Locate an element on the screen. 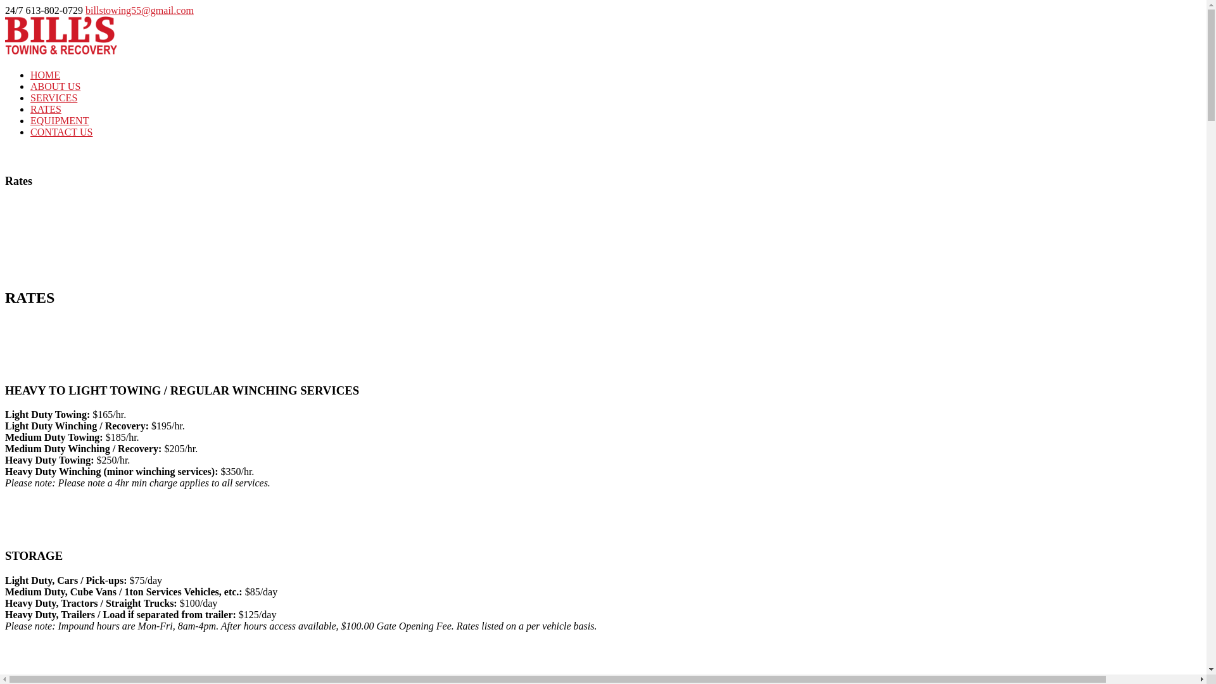 The height and width of the screenshot is (684, 1216). 'billstowing55@gmail.com' is located at coordinates (84, 10).